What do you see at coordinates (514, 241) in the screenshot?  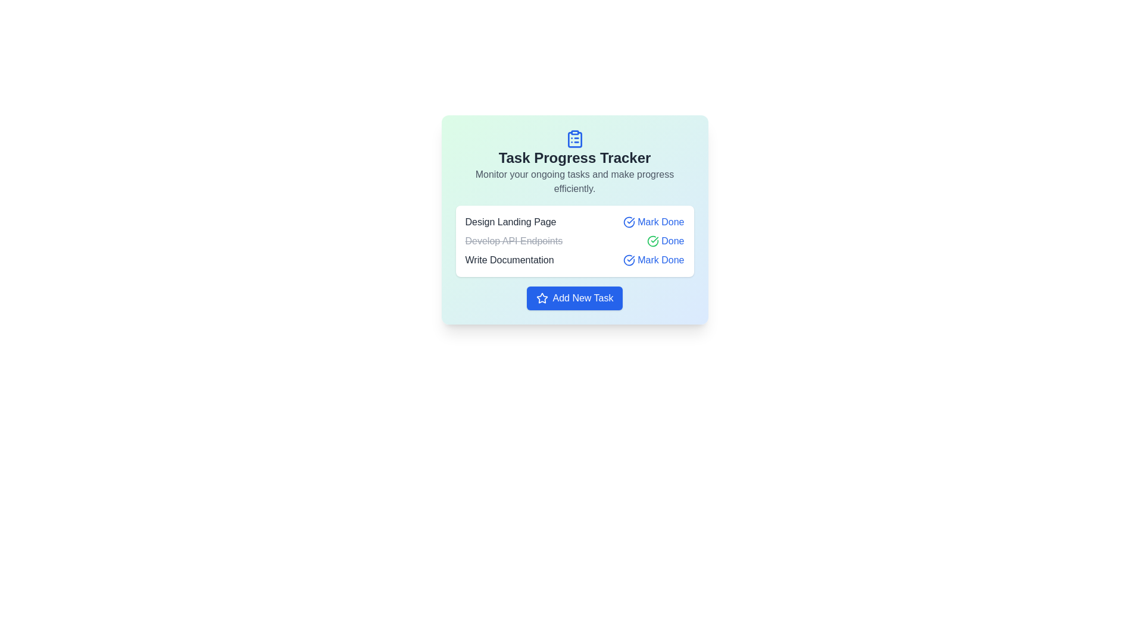 I see `the task name label in the second row of the task manager interface that displays the name of a completed task` at bounding box center [514, 241].